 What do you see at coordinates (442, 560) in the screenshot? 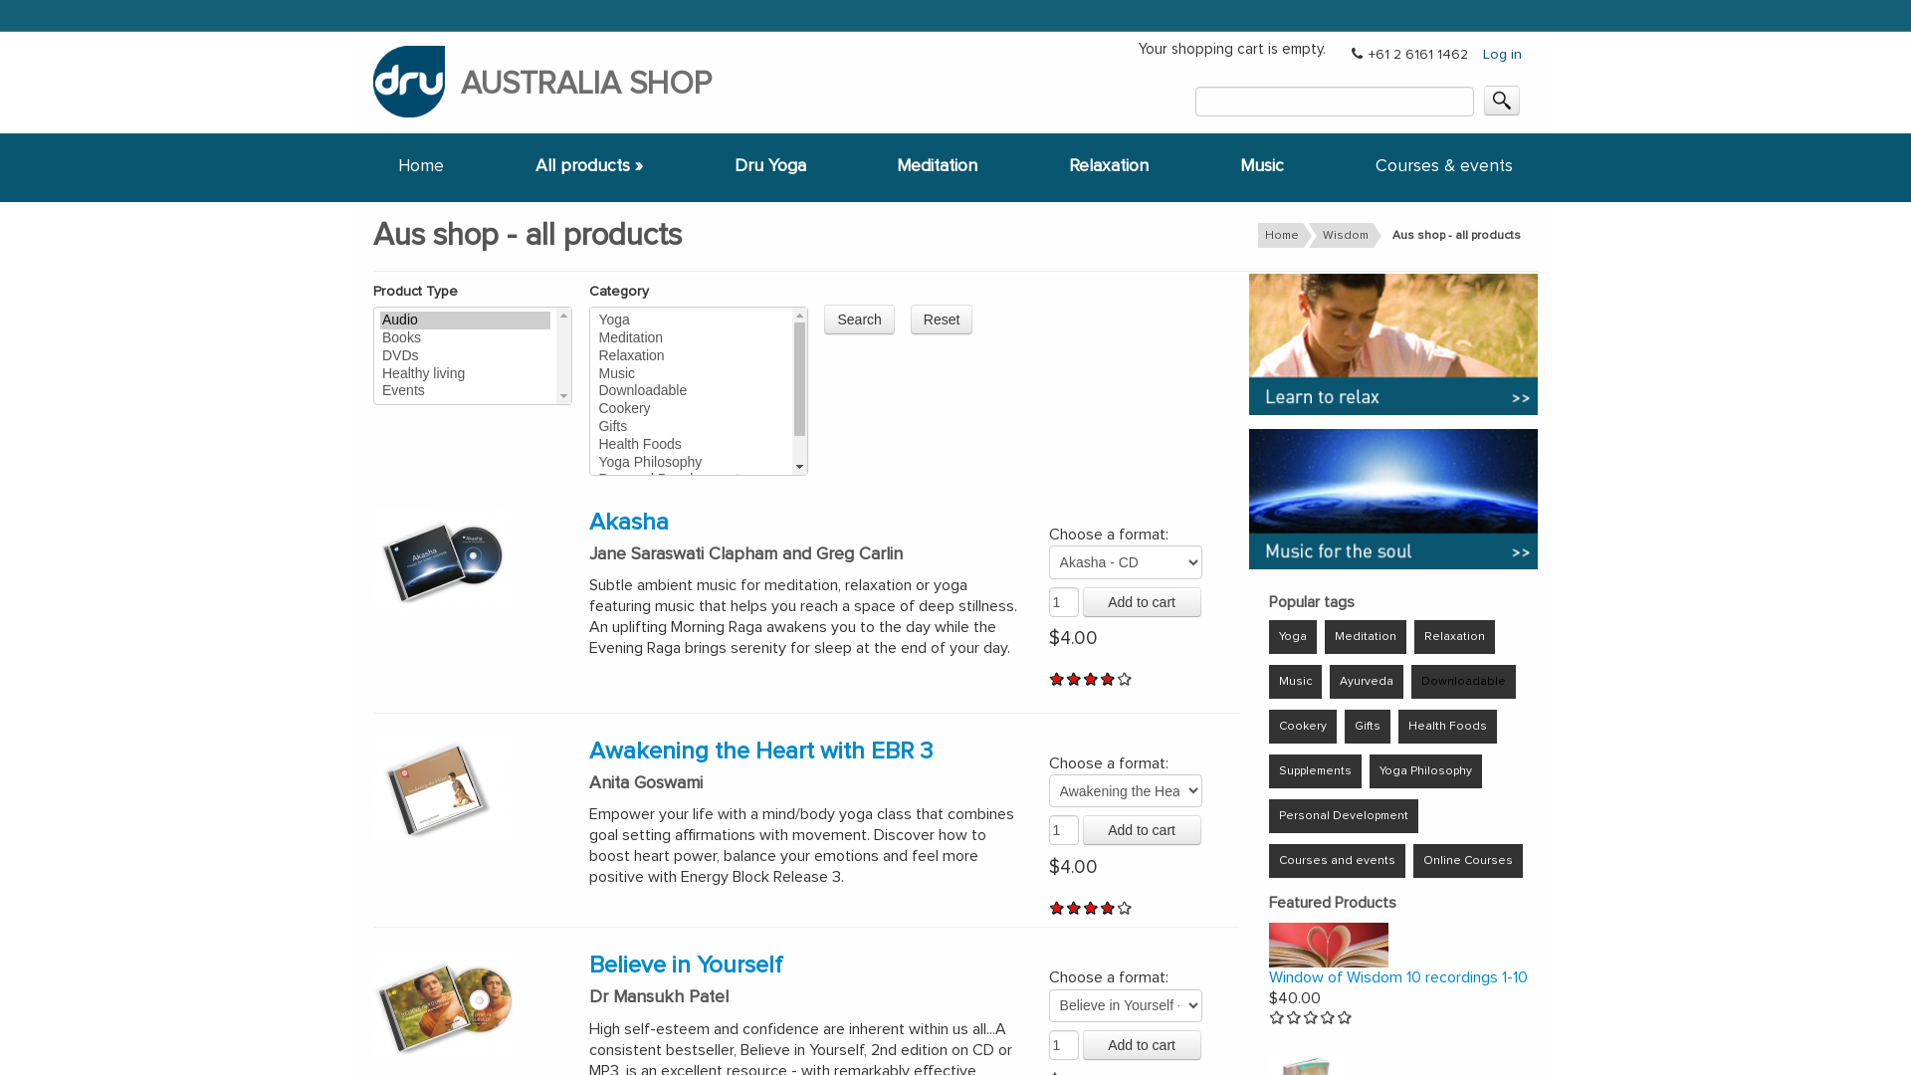
I see `'Akasha - Music for inner stillness'` at bounding box center [442, 560].